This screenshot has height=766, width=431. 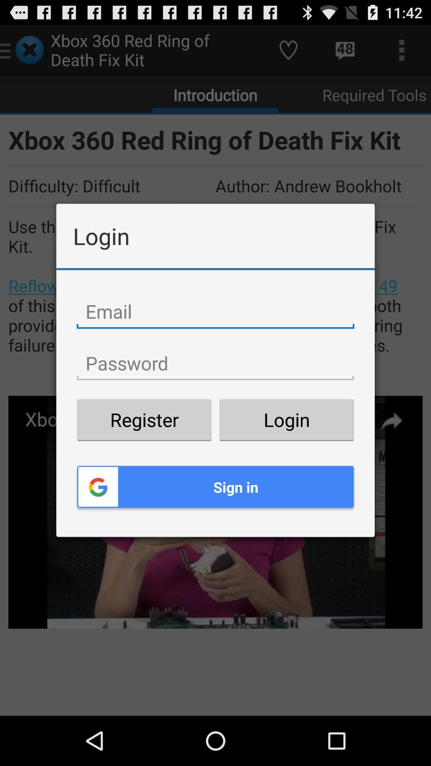 I want to click on item below register button, so click(x=215, y=486).